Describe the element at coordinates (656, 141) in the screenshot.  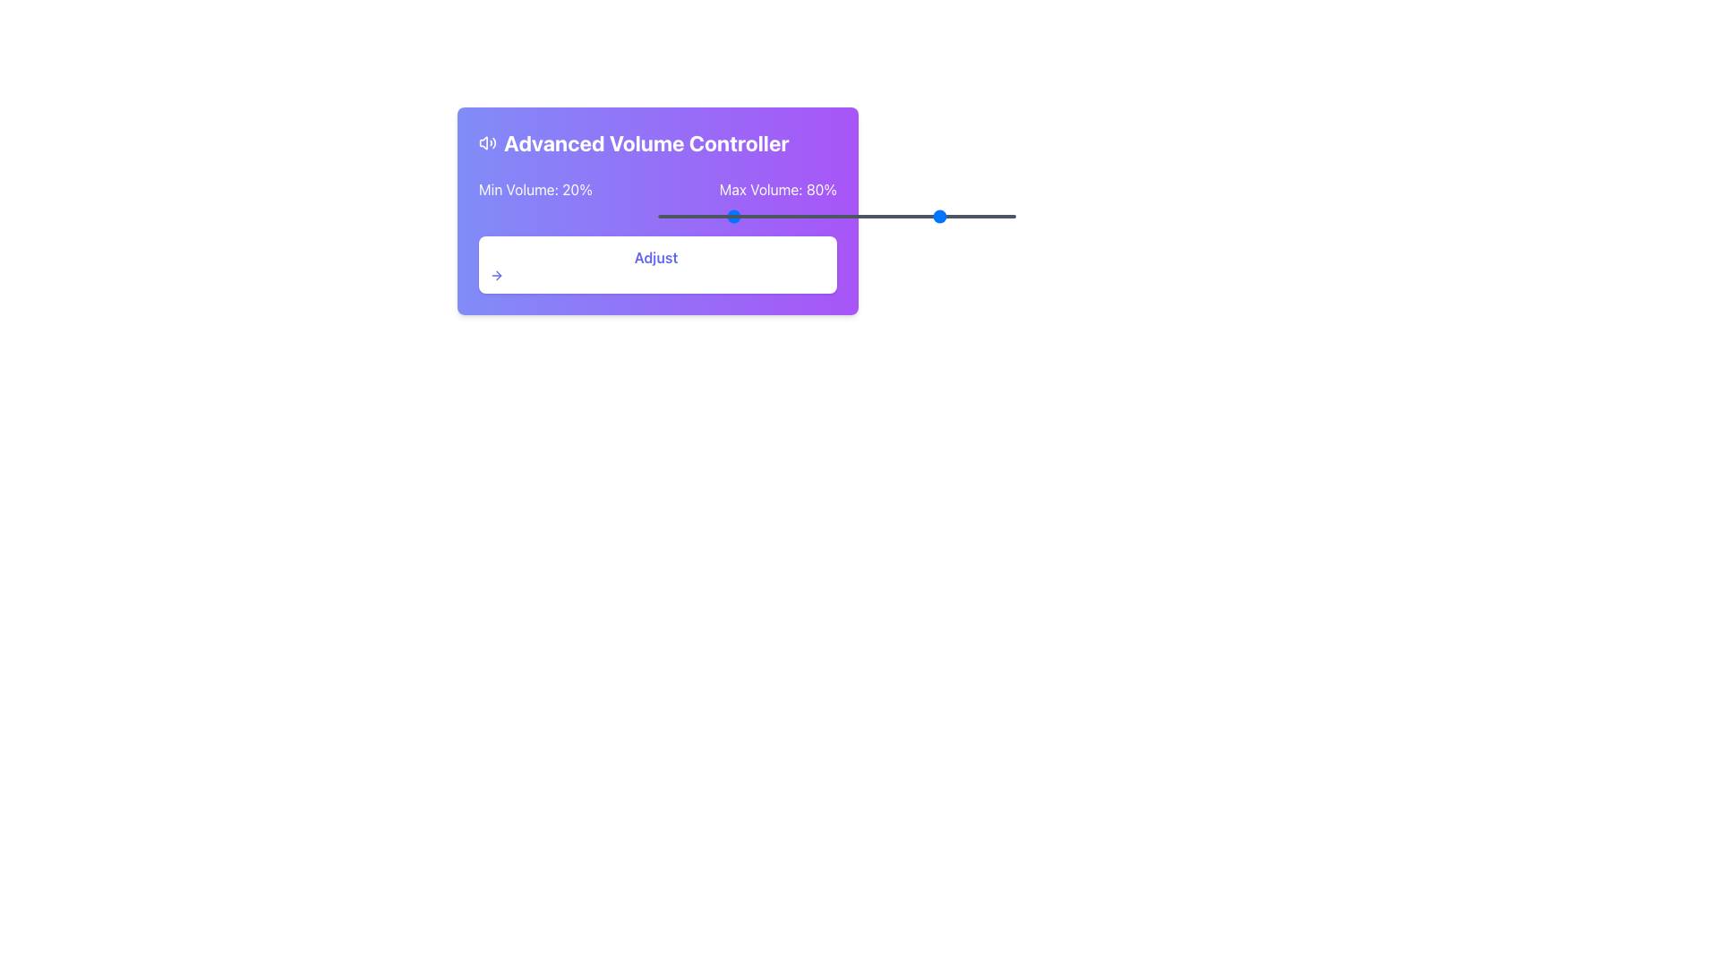
I see `the Title header displaying 'Advanced Volume Controller' with the accompanying volume icon, which is prominently styled and positioned at the top of its gradient background block` at that location.